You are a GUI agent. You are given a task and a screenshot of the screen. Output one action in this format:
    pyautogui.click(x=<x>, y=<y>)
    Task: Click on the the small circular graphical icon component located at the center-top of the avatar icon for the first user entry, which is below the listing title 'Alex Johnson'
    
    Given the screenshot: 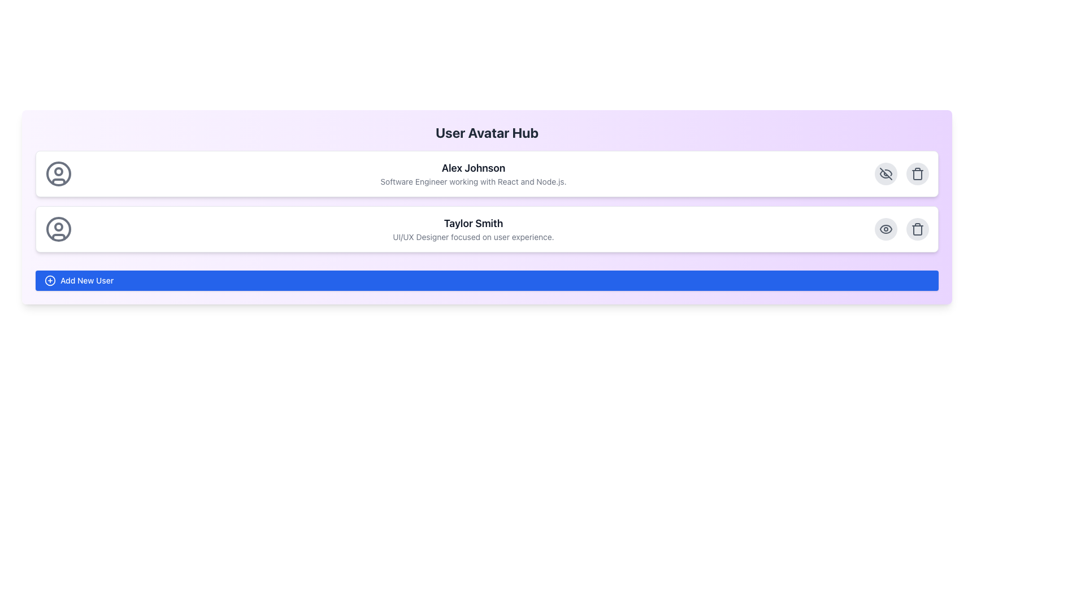 What is the action you would take?
    pyautogui.click(x=58, y=172)
    